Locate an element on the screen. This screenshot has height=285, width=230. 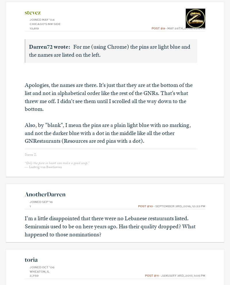
'- May 26th, 2016, 3:28 pm' is located at coordinates (185, 28).